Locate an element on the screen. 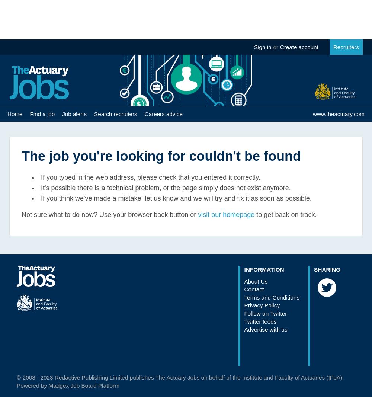 The image size is (372, 397). 'Twitter feeds' is located at coordinates (244, 321).